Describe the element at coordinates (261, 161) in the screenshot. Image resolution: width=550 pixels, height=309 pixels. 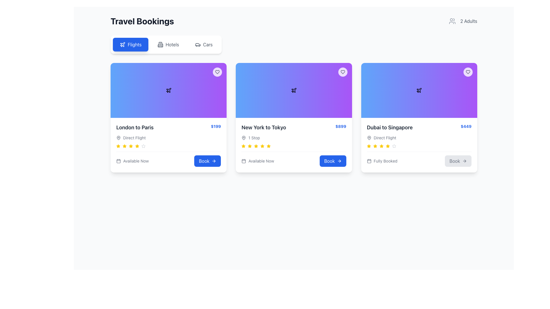
I see `text label that says 'Available Now', which is styled in small gray font and located under the card for 'New York to Tokyo'` at that location.